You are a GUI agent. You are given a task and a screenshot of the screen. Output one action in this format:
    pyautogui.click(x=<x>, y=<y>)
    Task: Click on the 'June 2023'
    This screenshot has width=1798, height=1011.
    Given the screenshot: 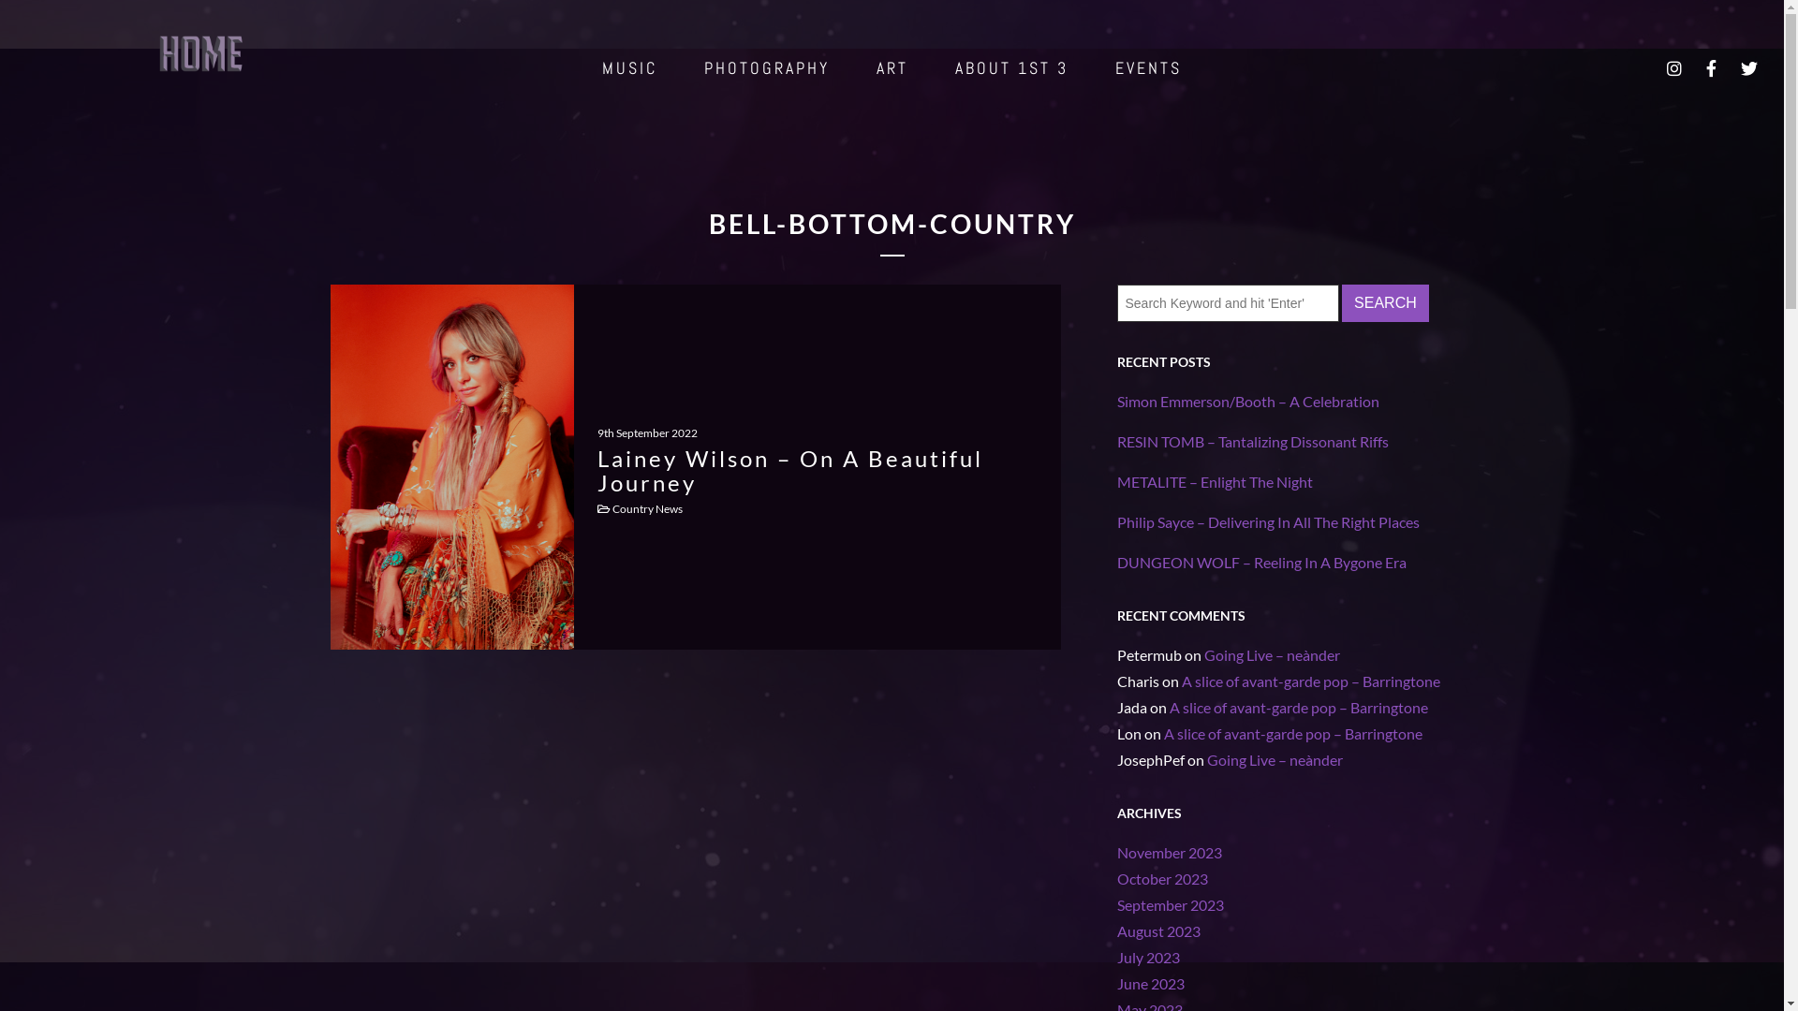 What is the action you would take?
    pyautogui.click(x=1149, y=981)
    